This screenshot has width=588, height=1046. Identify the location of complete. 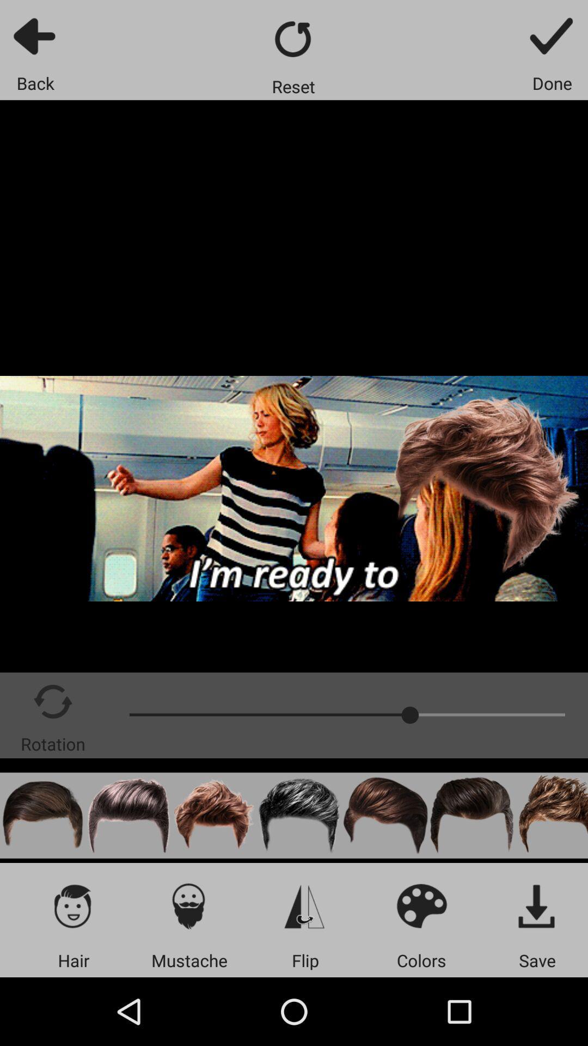
(552, 35).